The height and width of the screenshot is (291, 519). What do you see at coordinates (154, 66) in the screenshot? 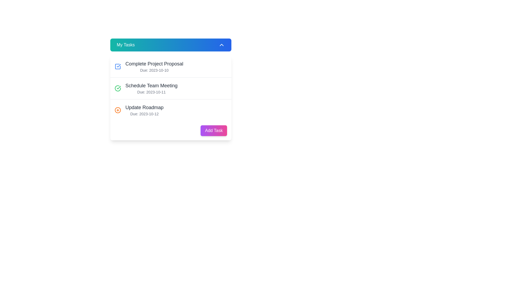
I see `the task item display titled 'Complete Project Proposal'` at bounding box center [154, 66].